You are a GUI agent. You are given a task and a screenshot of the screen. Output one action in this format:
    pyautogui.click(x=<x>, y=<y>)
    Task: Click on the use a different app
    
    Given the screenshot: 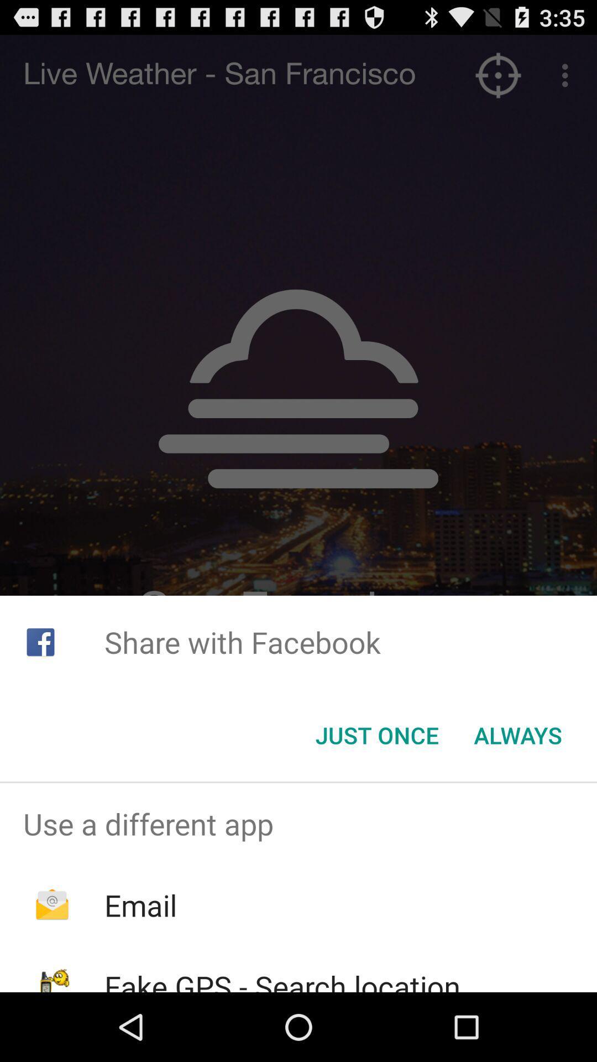 What is the action you would take?
    pyautogui.click(x=298, y=824)
    